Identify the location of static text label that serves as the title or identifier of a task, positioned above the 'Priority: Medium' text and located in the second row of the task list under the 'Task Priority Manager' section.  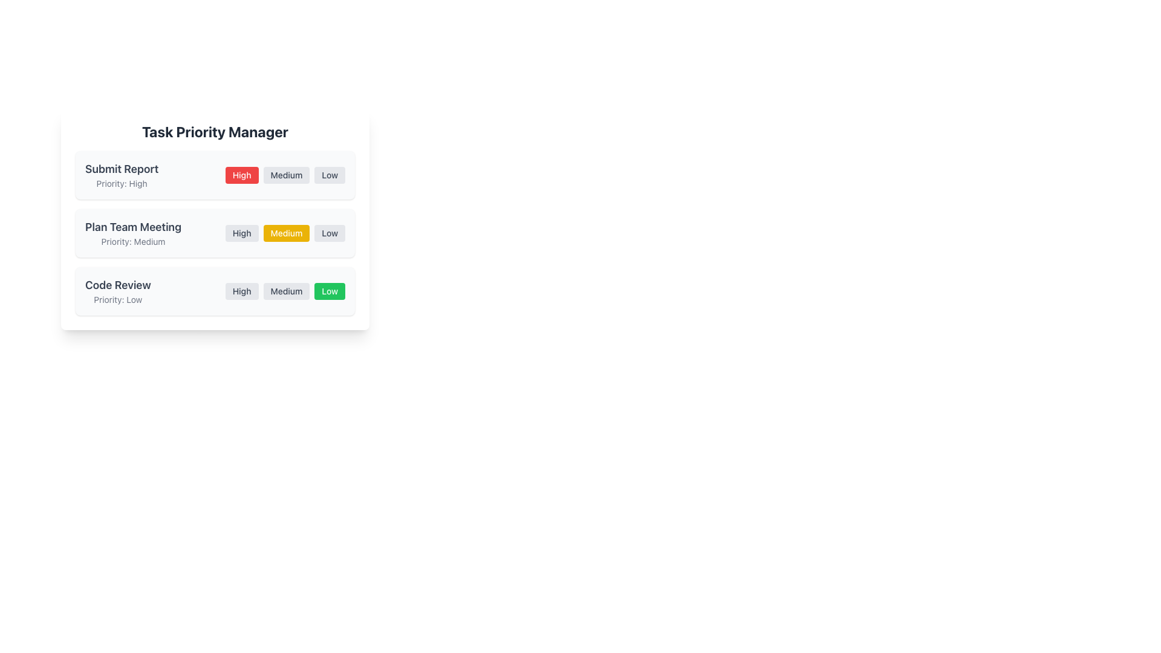
(133, 227).